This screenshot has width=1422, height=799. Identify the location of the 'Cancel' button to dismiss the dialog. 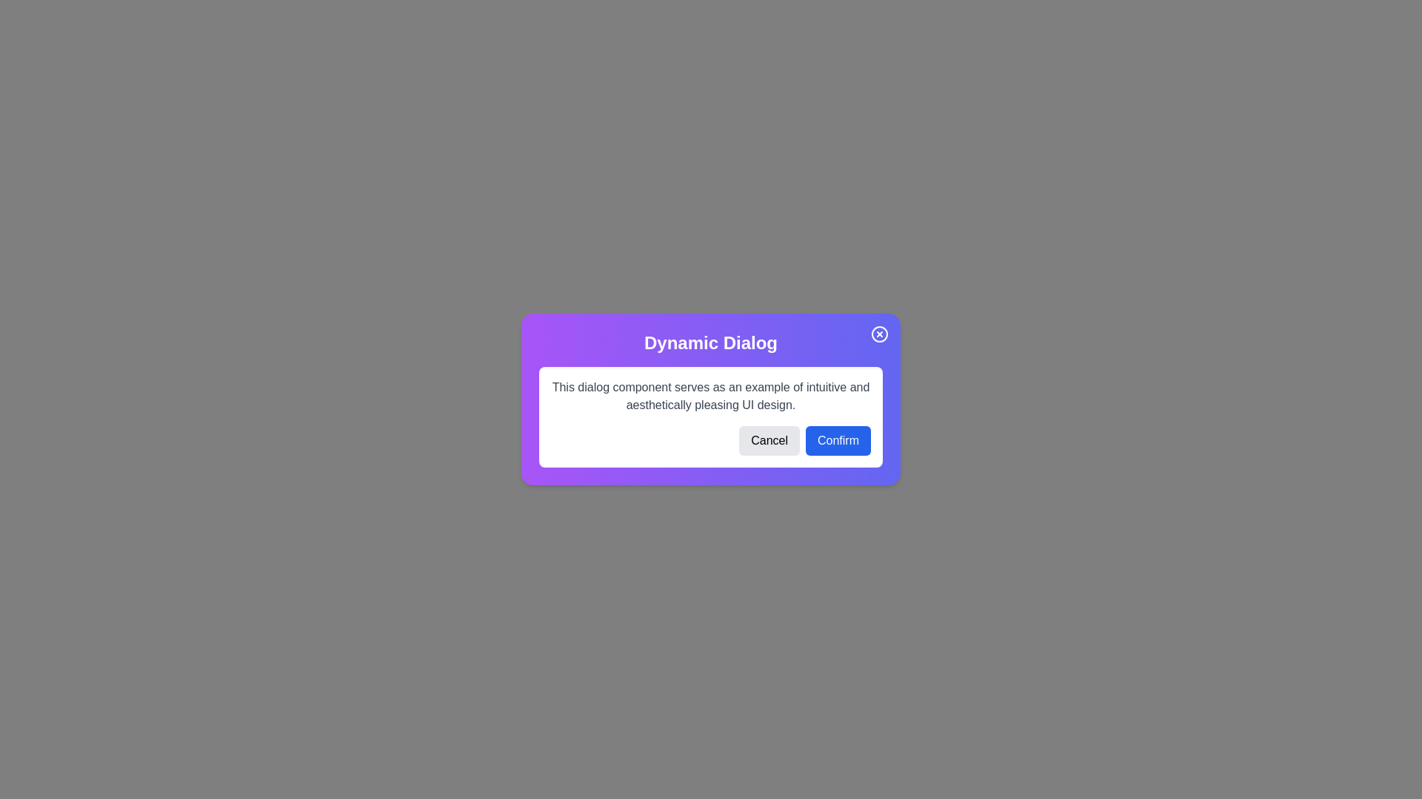
(769, 440).